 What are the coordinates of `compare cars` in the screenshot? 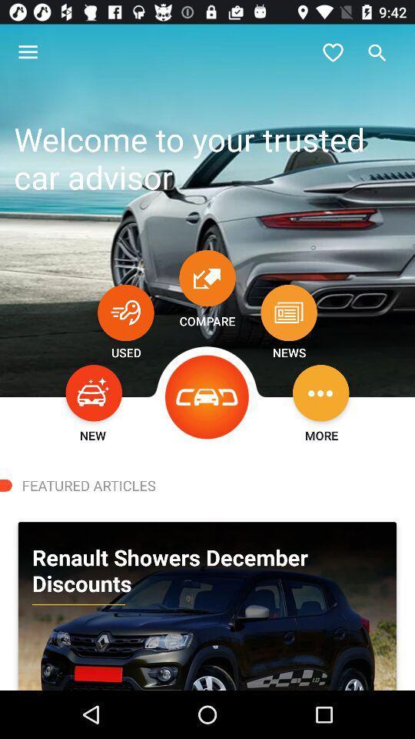 It's located at (207, 277).